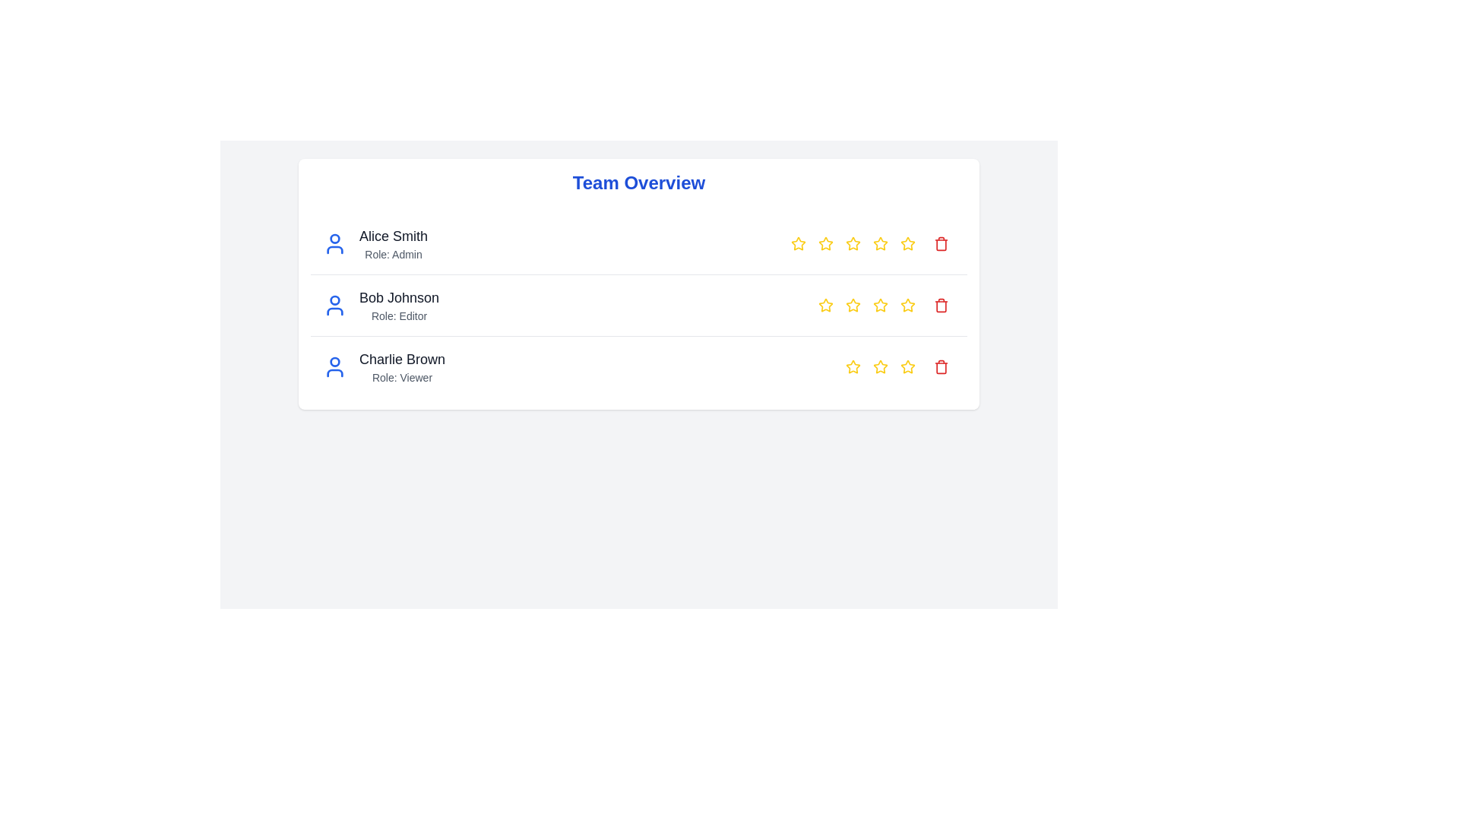  I want to click on the fifth yellow star icon used for ratings in the 'Team Overview' section, which is associated with 'Bob Johnson' and positioned to the right of 'Role: Editor', so click(908, 242).